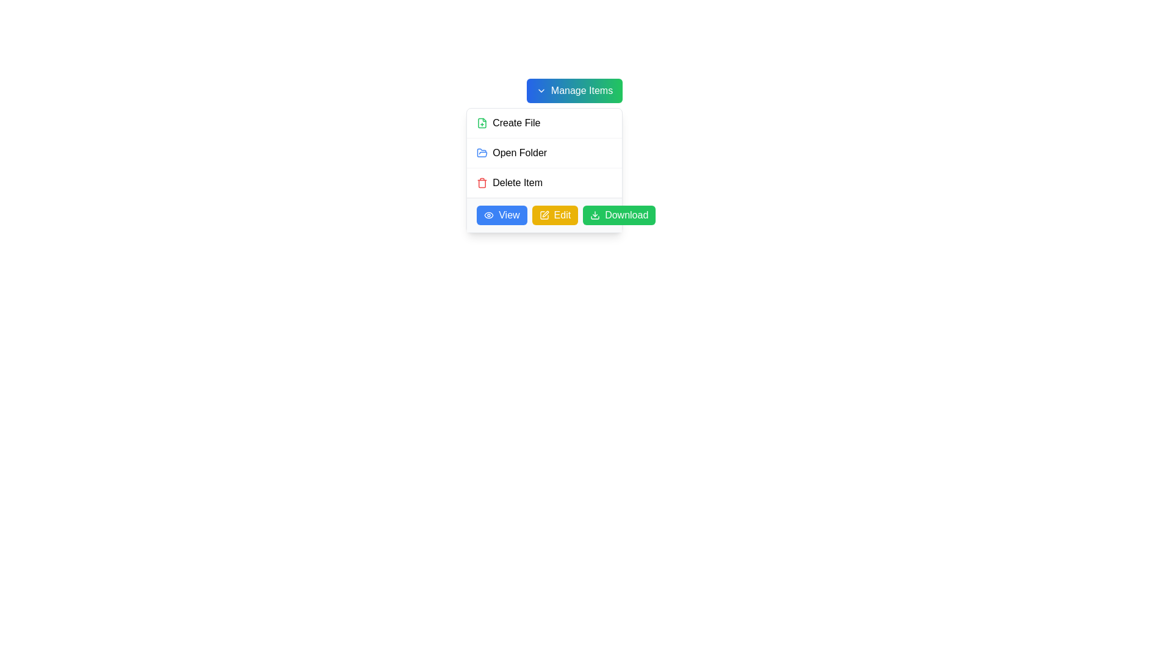 The width and height of the screenshot is (1172, 659). I want to click on the 'Open Folder' icon located in the dropdown menu under the 'Manage Items' button, so click(482, 152).